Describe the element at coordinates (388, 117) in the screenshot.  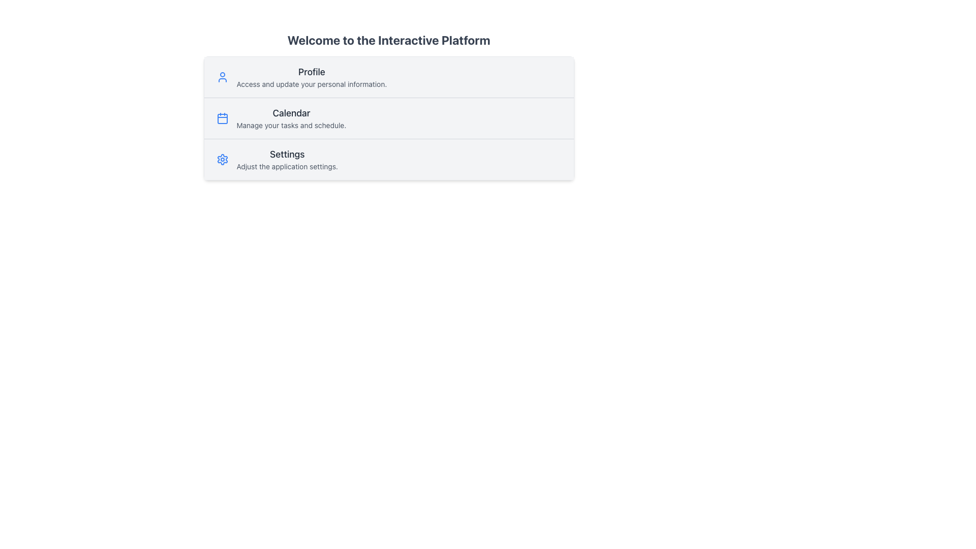
I see `contents of the List item with an icon and two textual components that provides access to calendar-related functionalities, located in the second row of the vertical list` at that location.